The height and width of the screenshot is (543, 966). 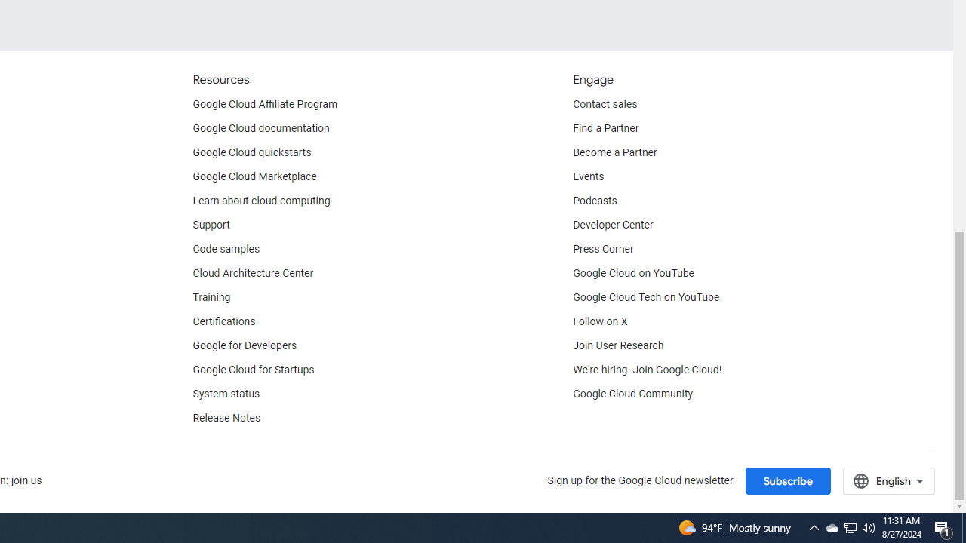 I want to click on 'System status', so click(x=226, y=394).